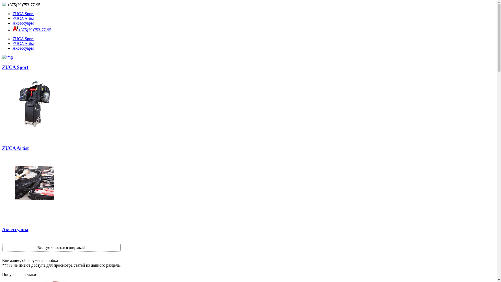  I want to click on 'ZUCA Artist', so click(23, 43).